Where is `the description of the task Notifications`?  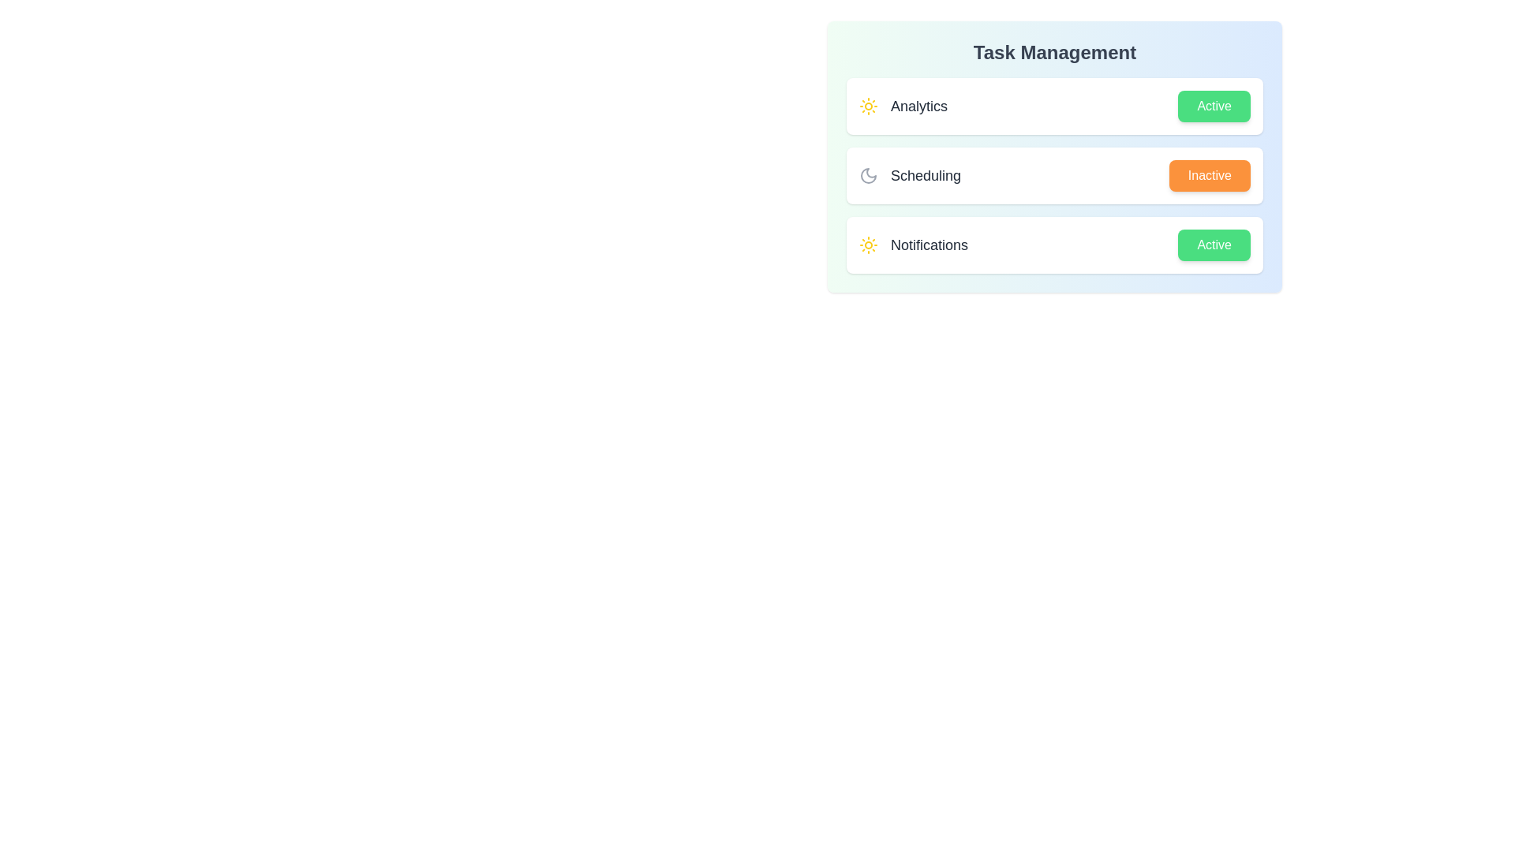
the description of the task Notifications is located at coordinates (913, 245).